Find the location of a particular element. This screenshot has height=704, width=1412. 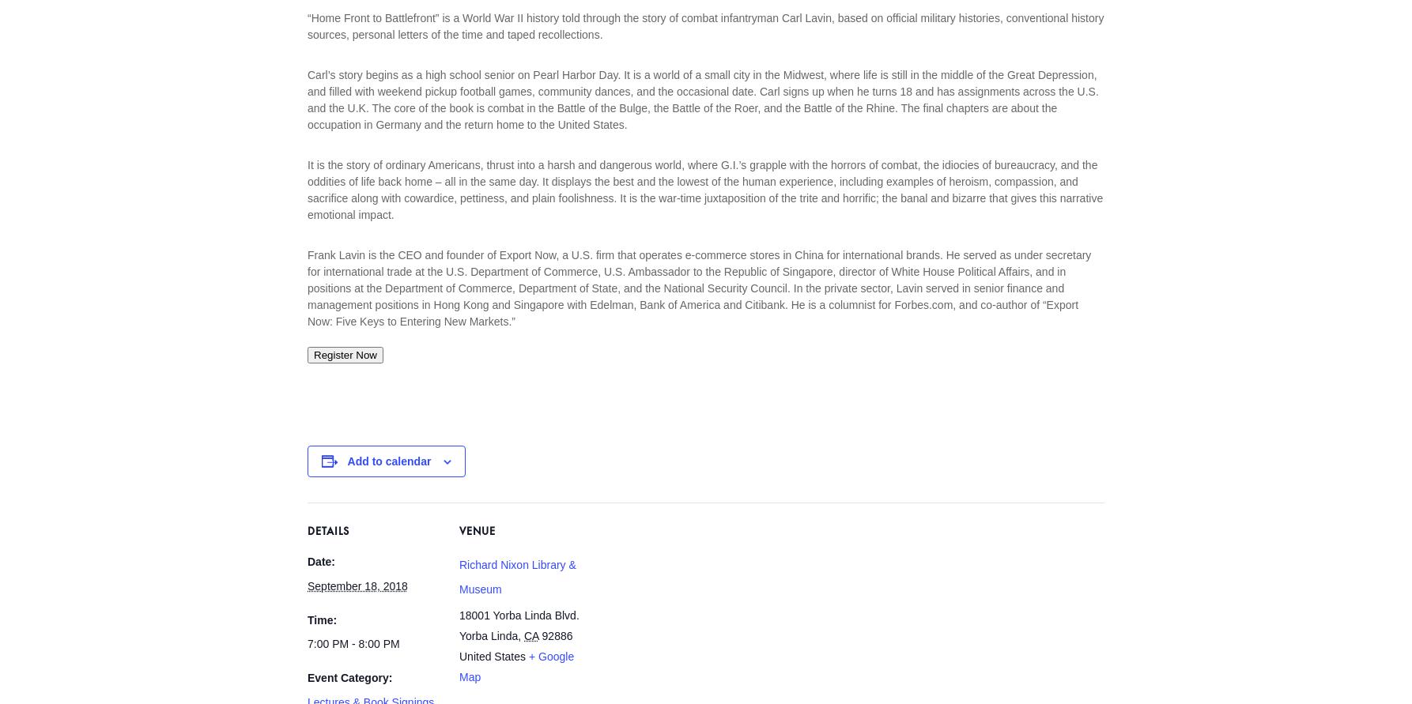

'Date:' is located at coordinates (321, 561).